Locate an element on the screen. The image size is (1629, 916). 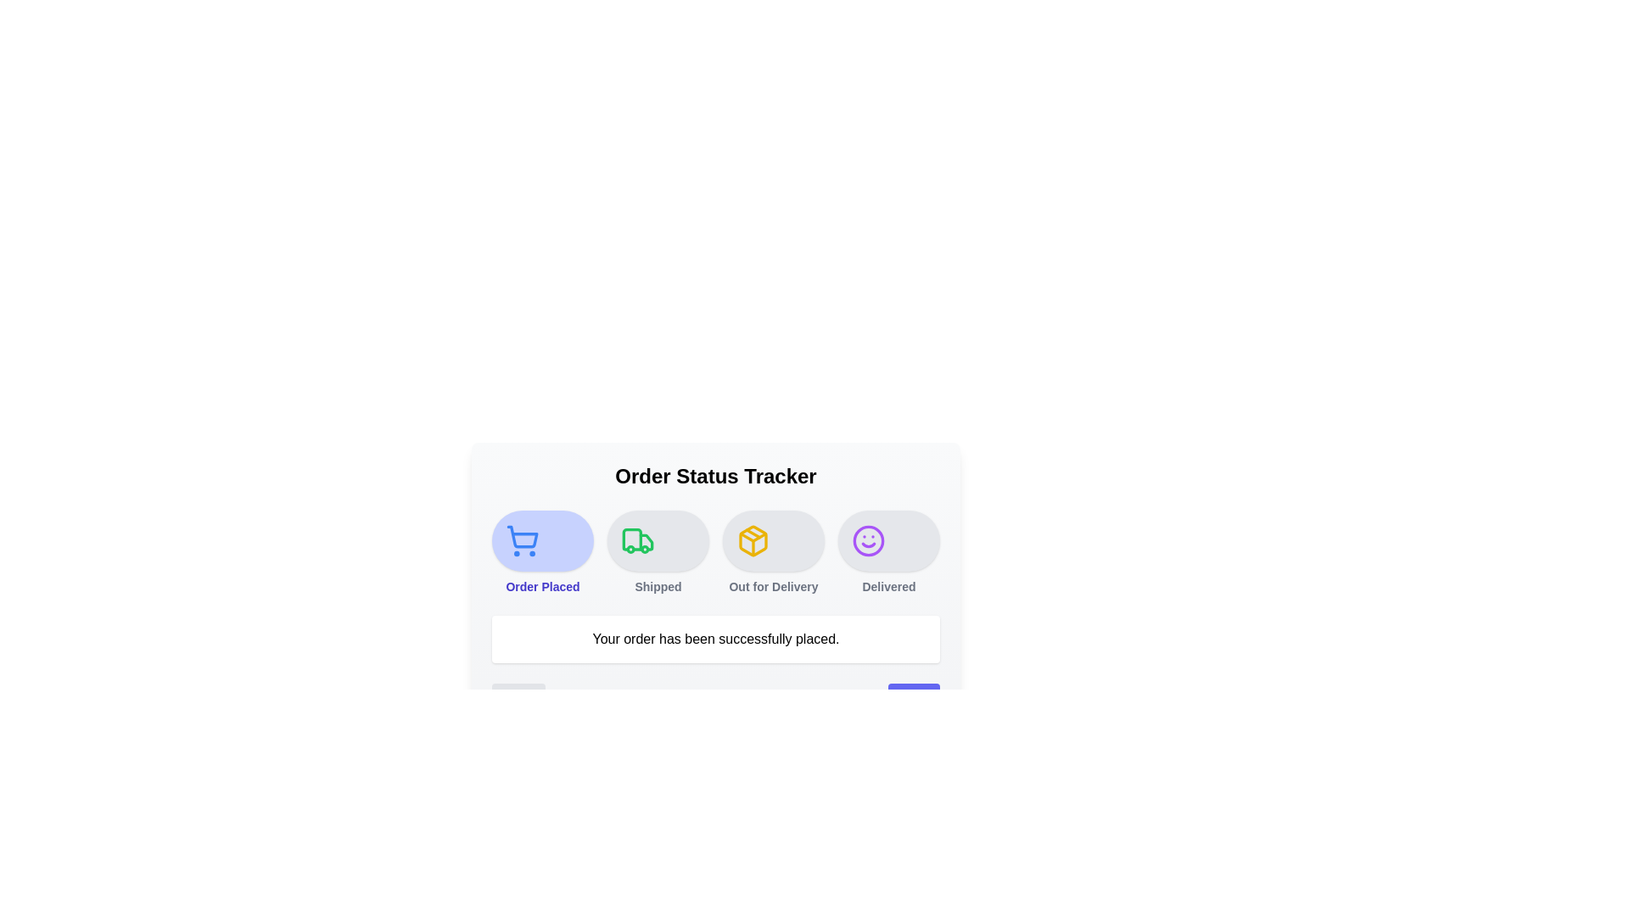
the step icon corresponding to Shipped to highlight it and view its details is located at coordinates (658, 540).